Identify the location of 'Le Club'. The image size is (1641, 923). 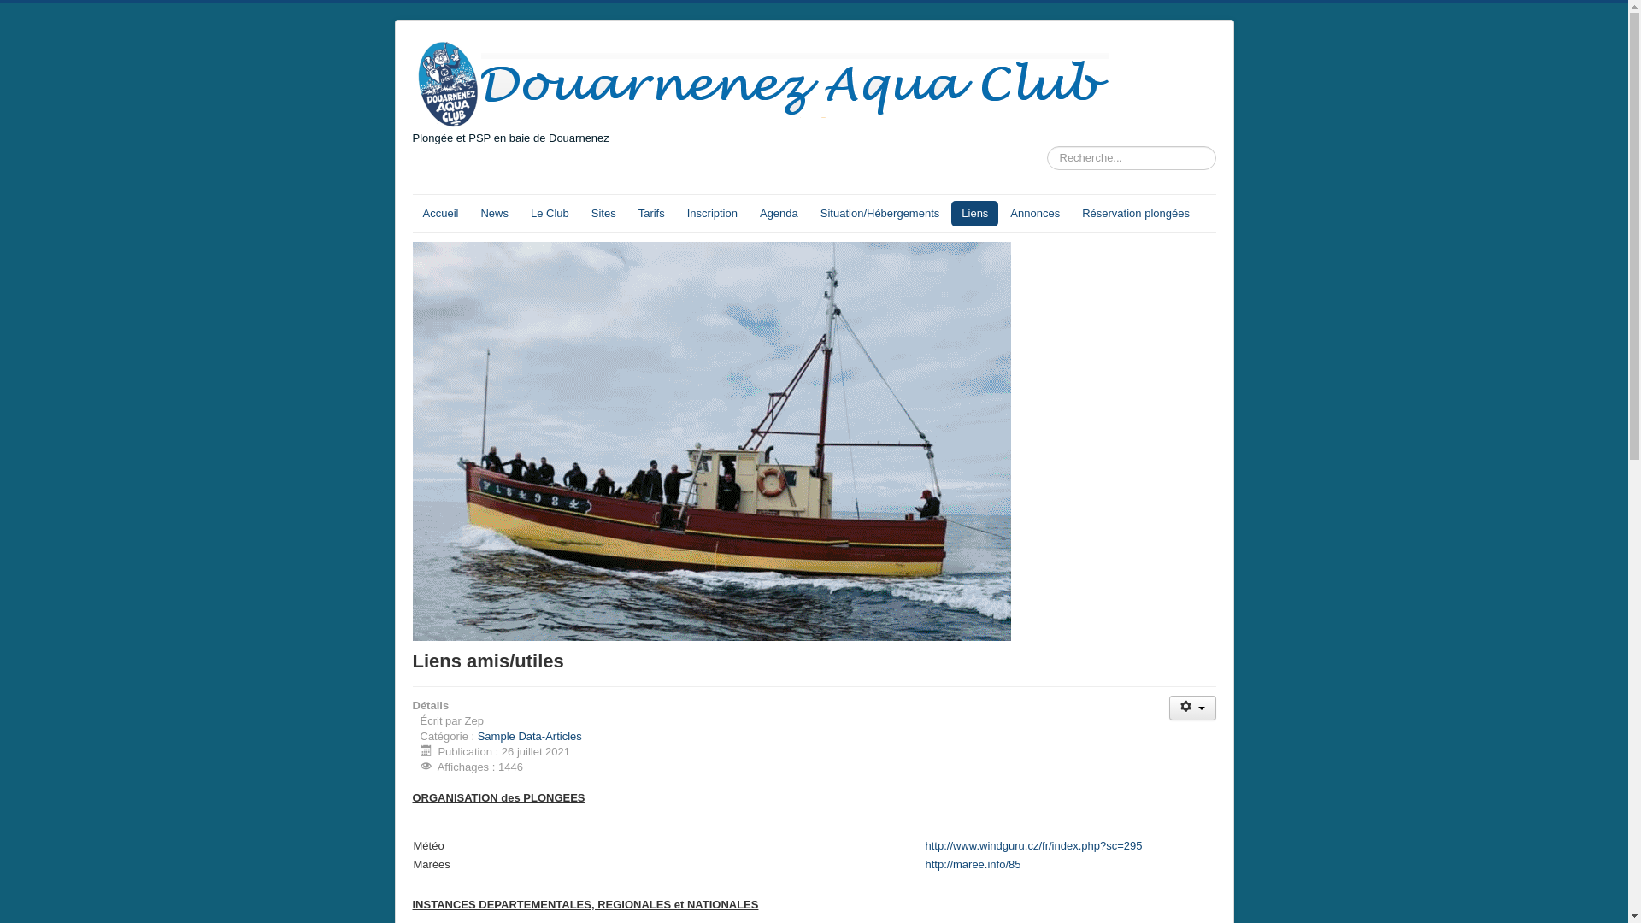
(520, 213).